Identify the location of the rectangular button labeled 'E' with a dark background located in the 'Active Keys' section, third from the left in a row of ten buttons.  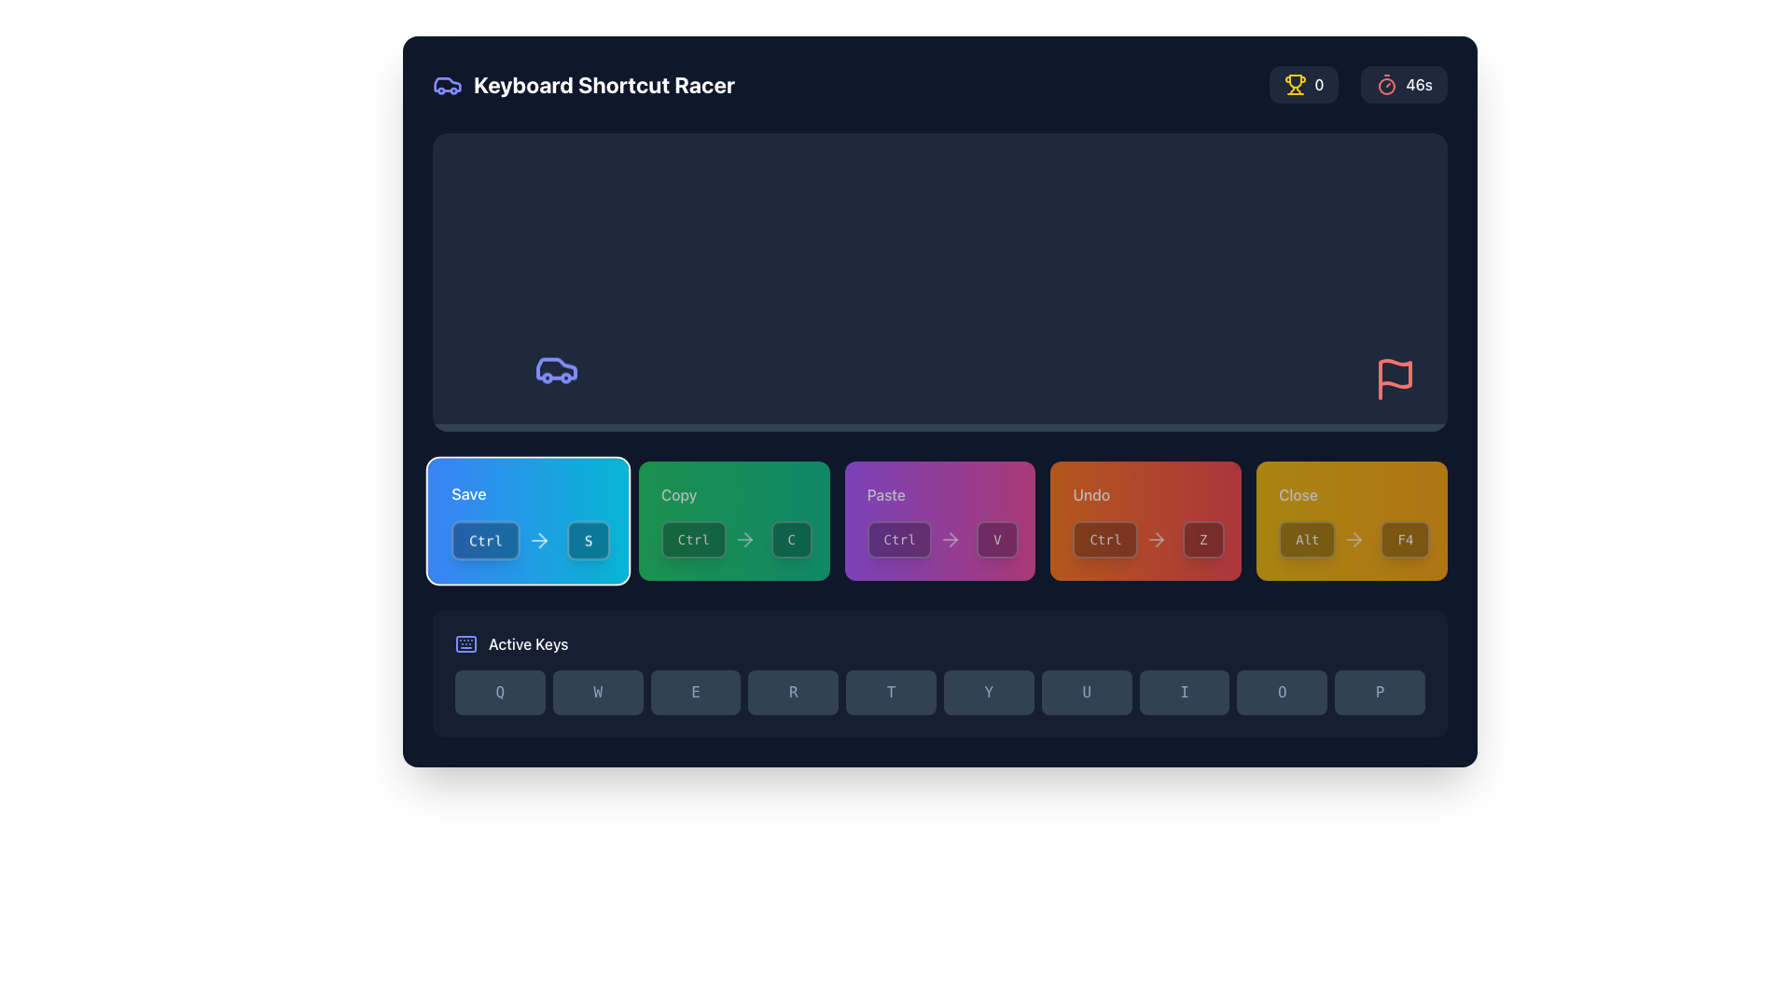
(694, 693).